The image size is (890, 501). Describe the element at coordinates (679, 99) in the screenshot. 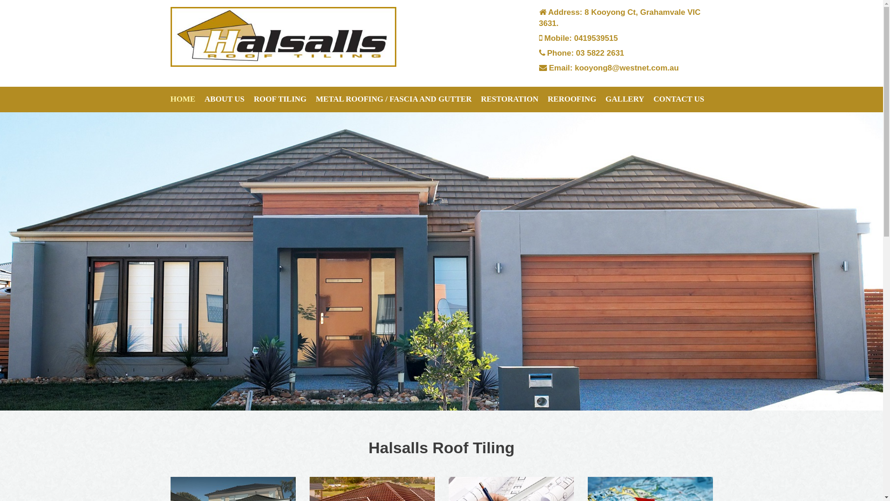

I see `'CONTACT US'` at that location.